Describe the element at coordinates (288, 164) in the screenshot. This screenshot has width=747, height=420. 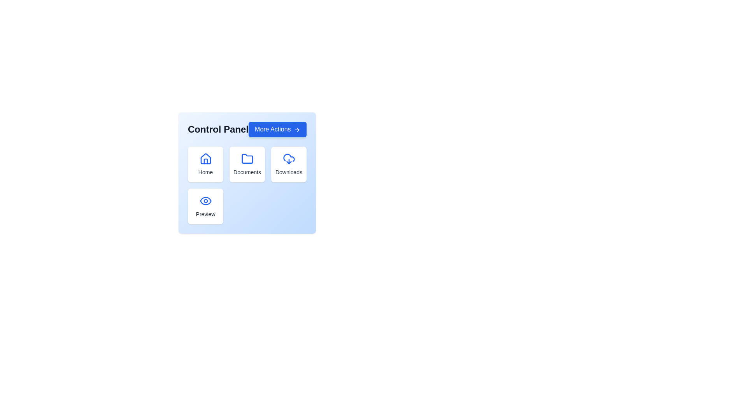
I see `the download button with a cloud-shaped icon and the label 'Downloads' located in the grid layout as the third element in the first row` at that location.